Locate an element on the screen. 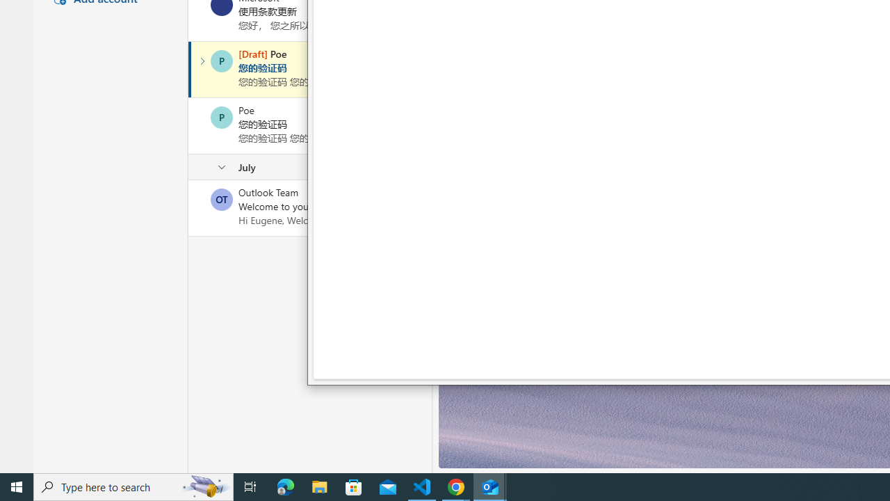  'Start' is located at coordinates (17, 486).